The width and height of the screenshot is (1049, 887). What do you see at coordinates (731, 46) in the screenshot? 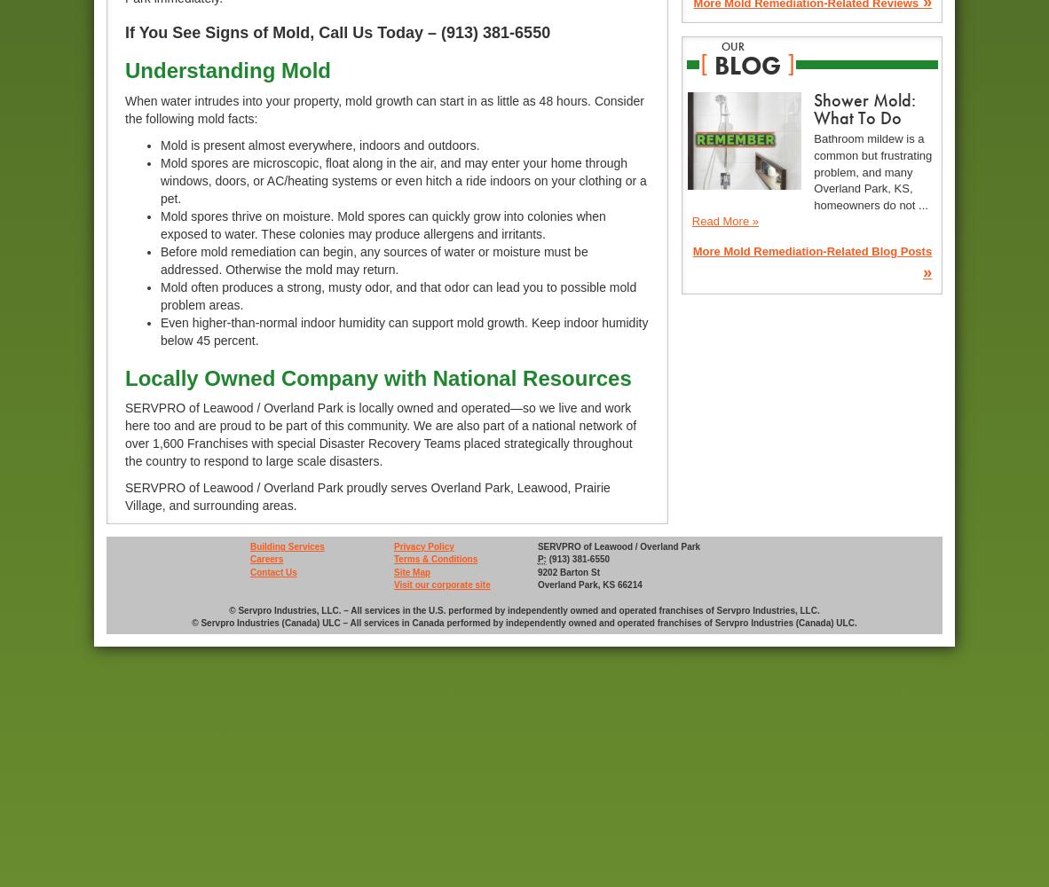
I see `'our'` at bounding box center [731, 46].